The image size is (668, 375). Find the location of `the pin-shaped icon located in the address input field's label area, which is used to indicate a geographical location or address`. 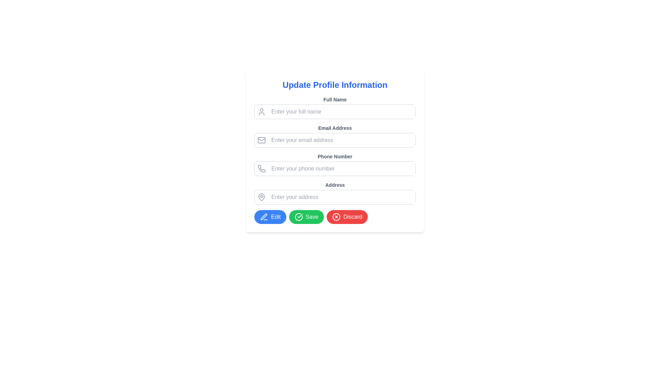

the pin-shaped icon located in the address input field's label area, which is used to indicate a geographical location or address is located at coordinates (261, 197).